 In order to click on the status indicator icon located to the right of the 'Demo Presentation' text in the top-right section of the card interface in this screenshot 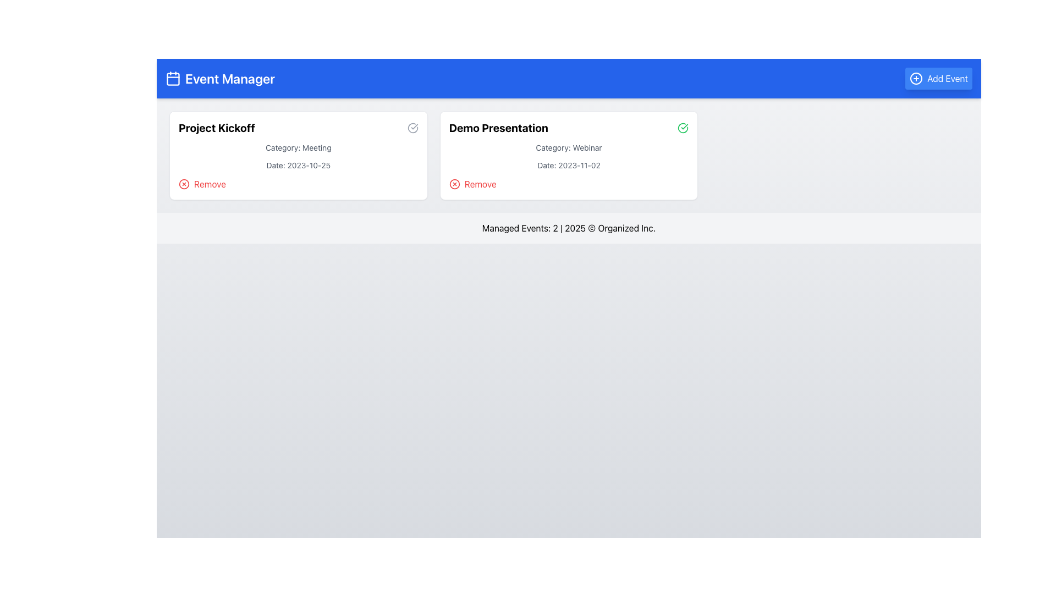, I will do `click(683, 127)`.